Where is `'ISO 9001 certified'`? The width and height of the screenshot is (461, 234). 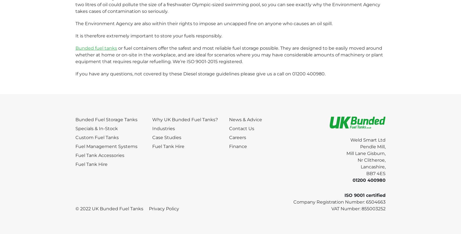 'ISO 9001 certified' is located at coordinates (365, 195).